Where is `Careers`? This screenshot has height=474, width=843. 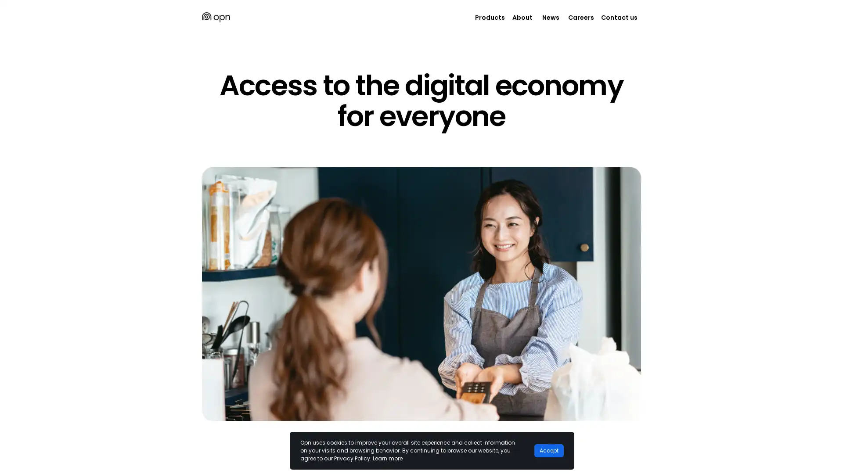 Careers is located at coordinates (581, 17).